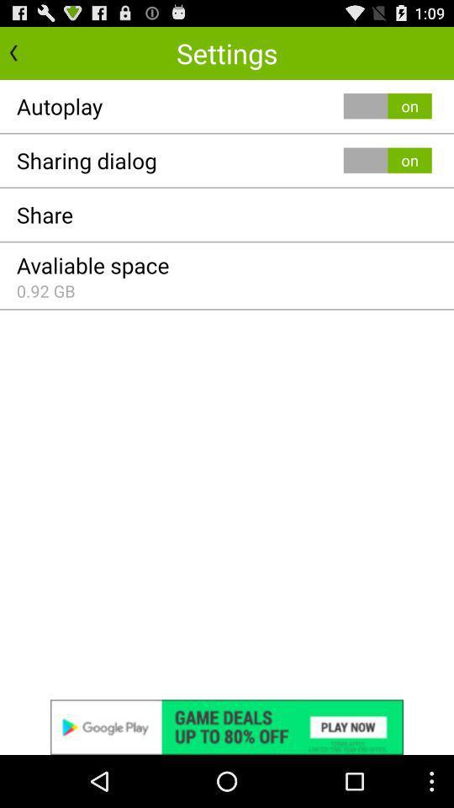  I want to click on go back, so click(30, 52).